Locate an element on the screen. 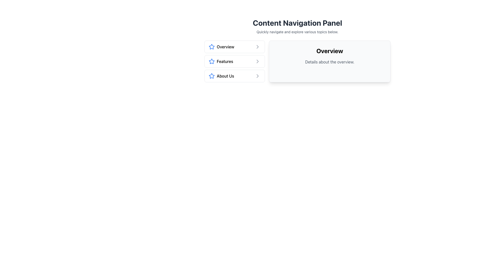  the 'Features' button, which is the second button in a vertical list of three buttons labeled 'Overview', 'Features', and 'About Us' is located at coordinates (234, 61).